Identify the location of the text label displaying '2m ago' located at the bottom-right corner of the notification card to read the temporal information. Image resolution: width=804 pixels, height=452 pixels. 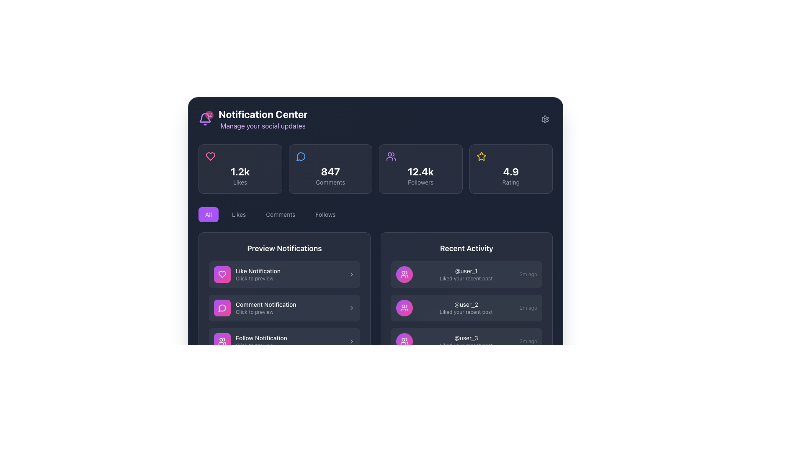
(528, 308).